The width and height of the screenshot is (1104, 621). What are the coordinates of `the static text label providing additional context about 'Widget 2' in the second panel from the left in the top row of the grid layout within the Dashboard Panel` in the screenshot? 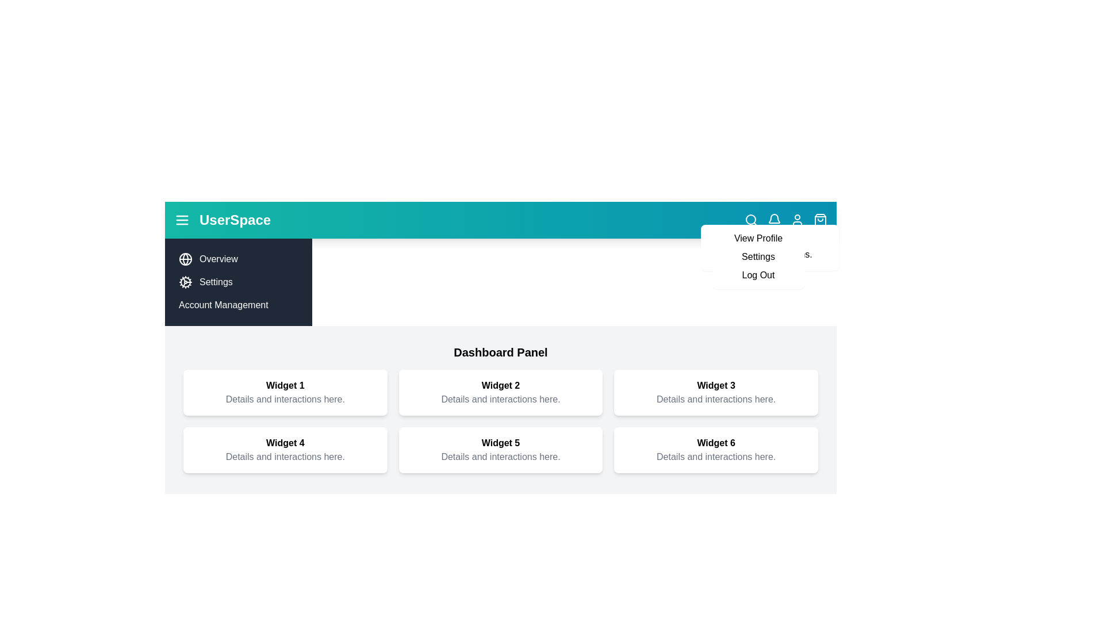 It's located at (500, 398).